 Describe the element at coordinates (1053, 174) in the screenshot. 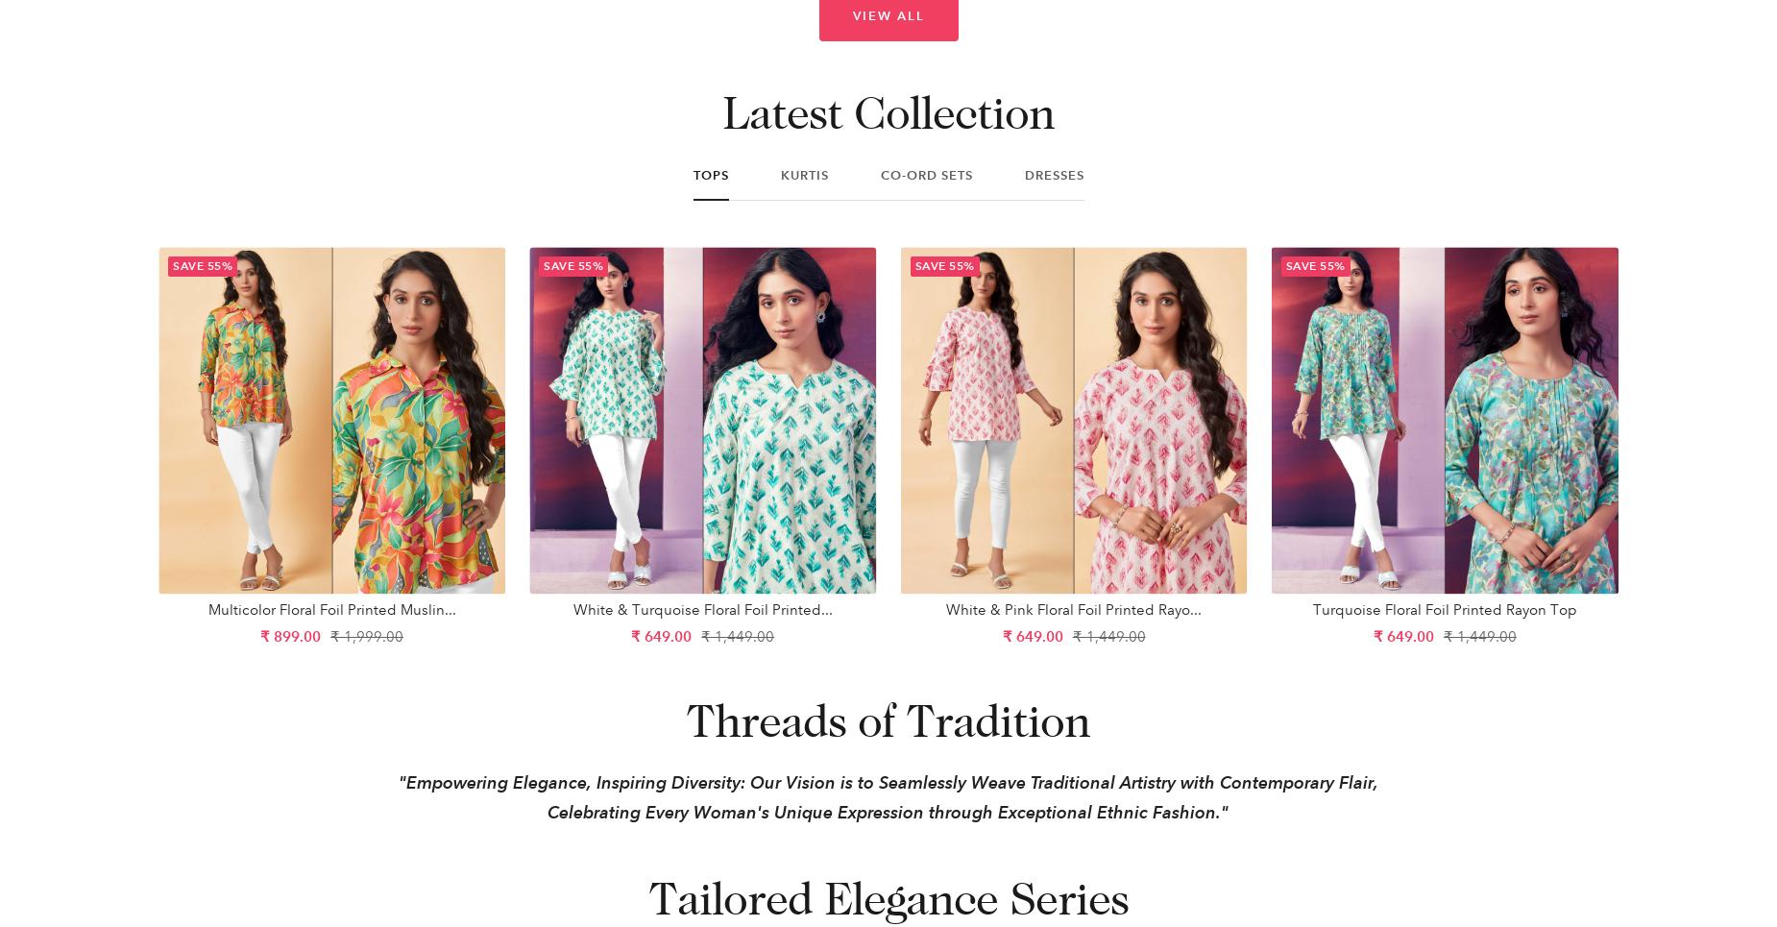

I see `'Dresses'` at that location.